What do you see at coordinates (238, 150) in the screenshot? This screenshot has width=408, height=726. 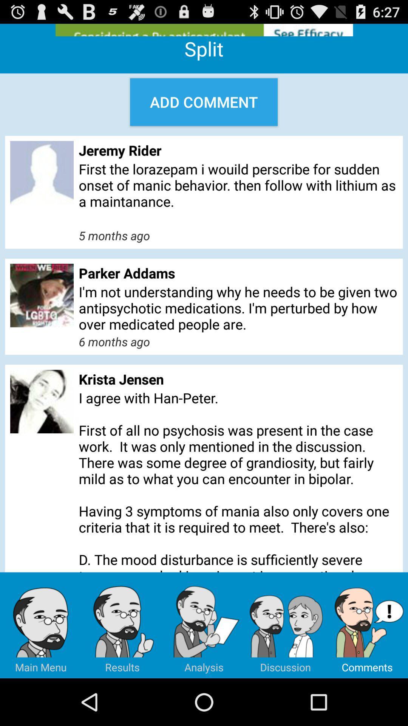 I see `the item below the add comment item` at bounding box center [238, 150].